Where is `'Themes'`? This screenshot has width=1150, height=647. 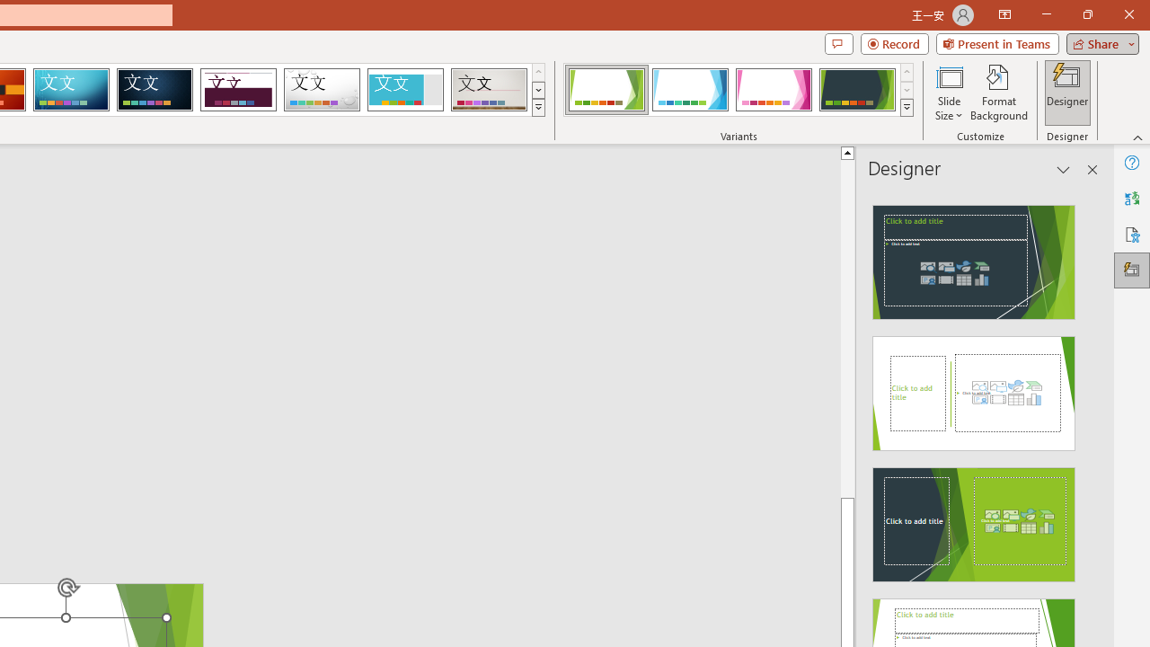 'Themes' is located at coordinates (537, 108).